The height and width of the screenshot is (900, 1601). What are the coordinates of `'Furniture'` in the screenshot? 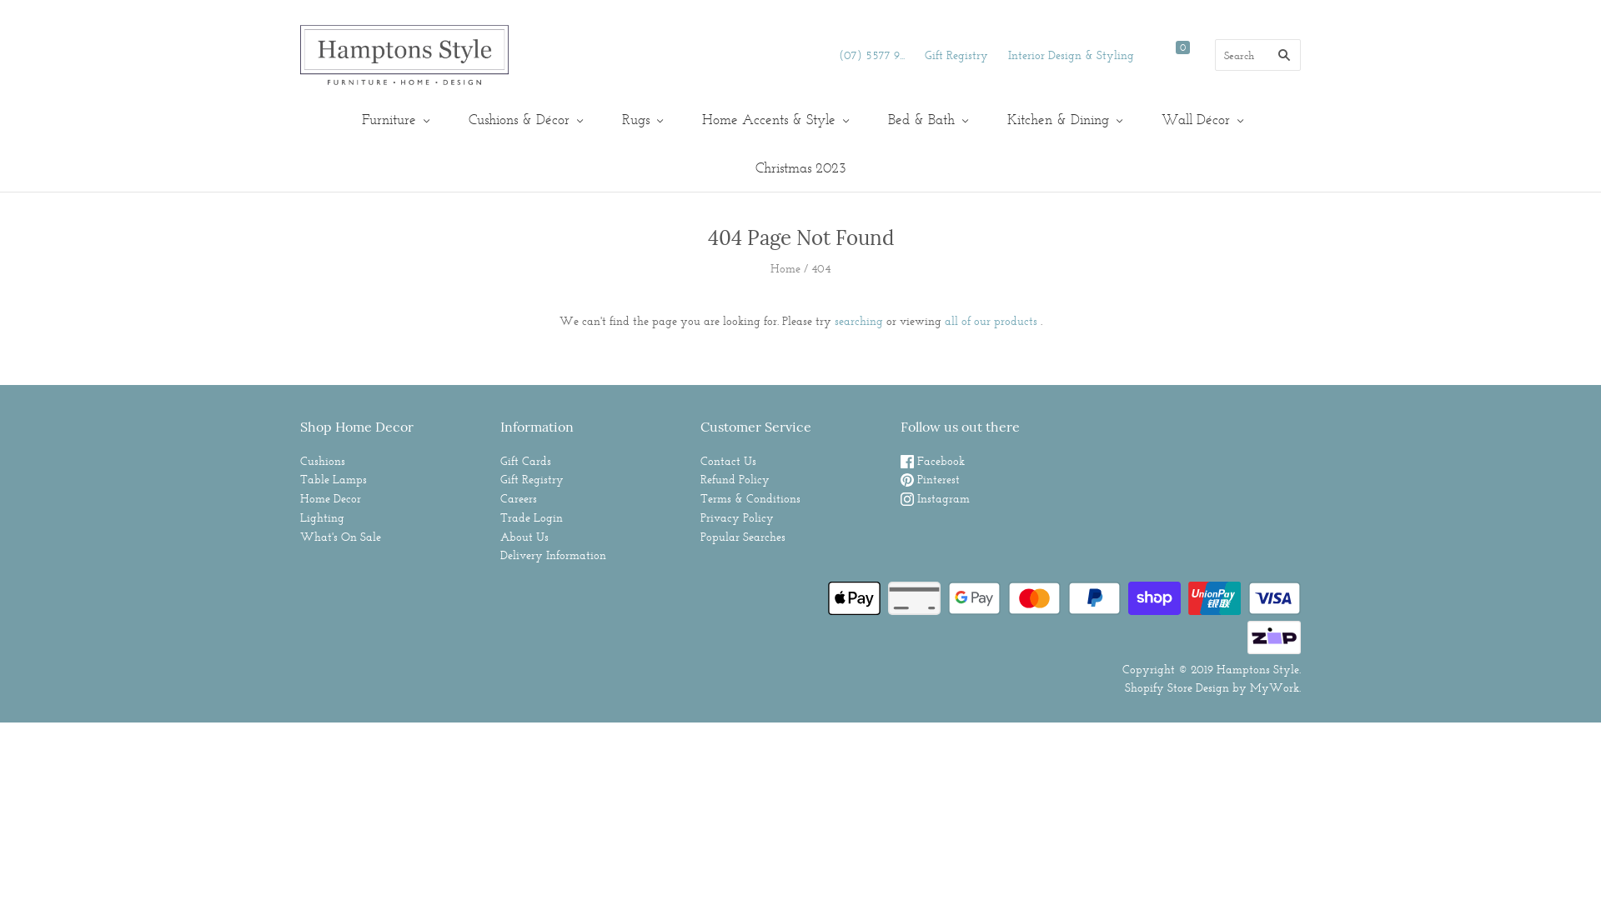 It's located at (392, 118).